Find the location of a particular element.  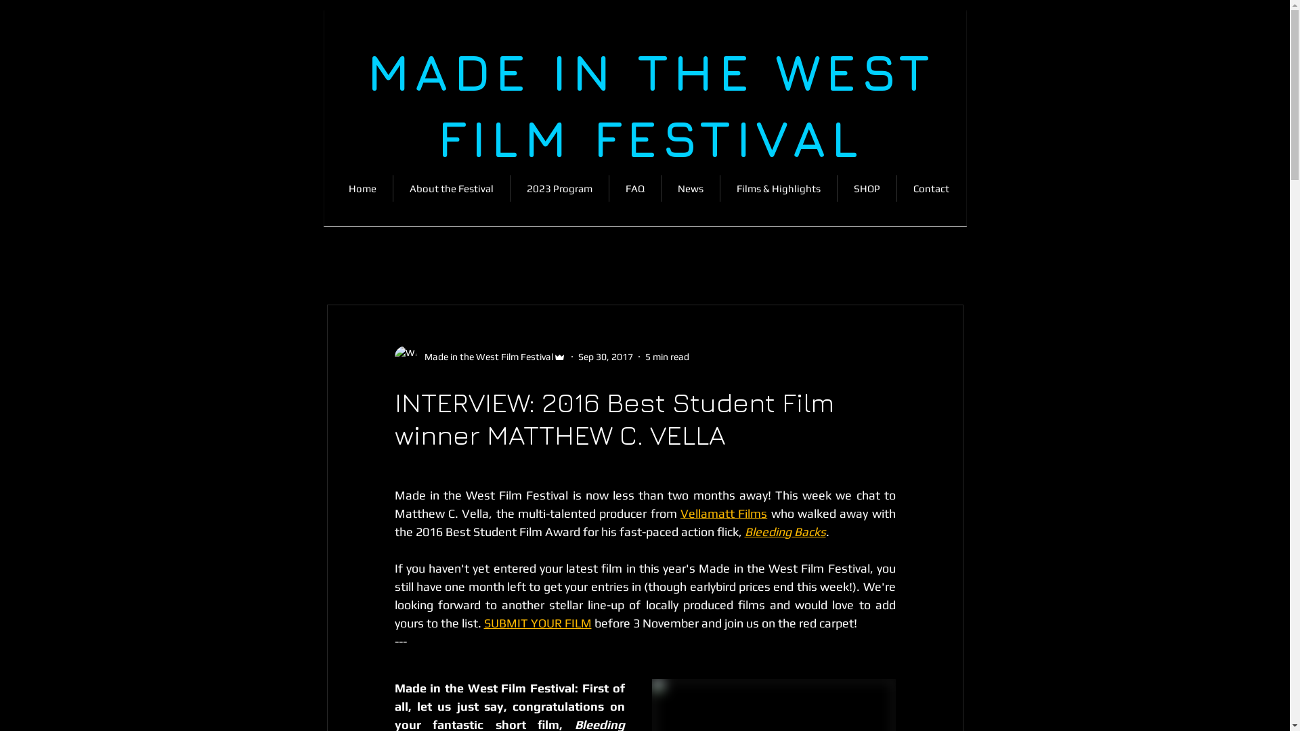

'2023 Program' is located at coordinates (509, 188).